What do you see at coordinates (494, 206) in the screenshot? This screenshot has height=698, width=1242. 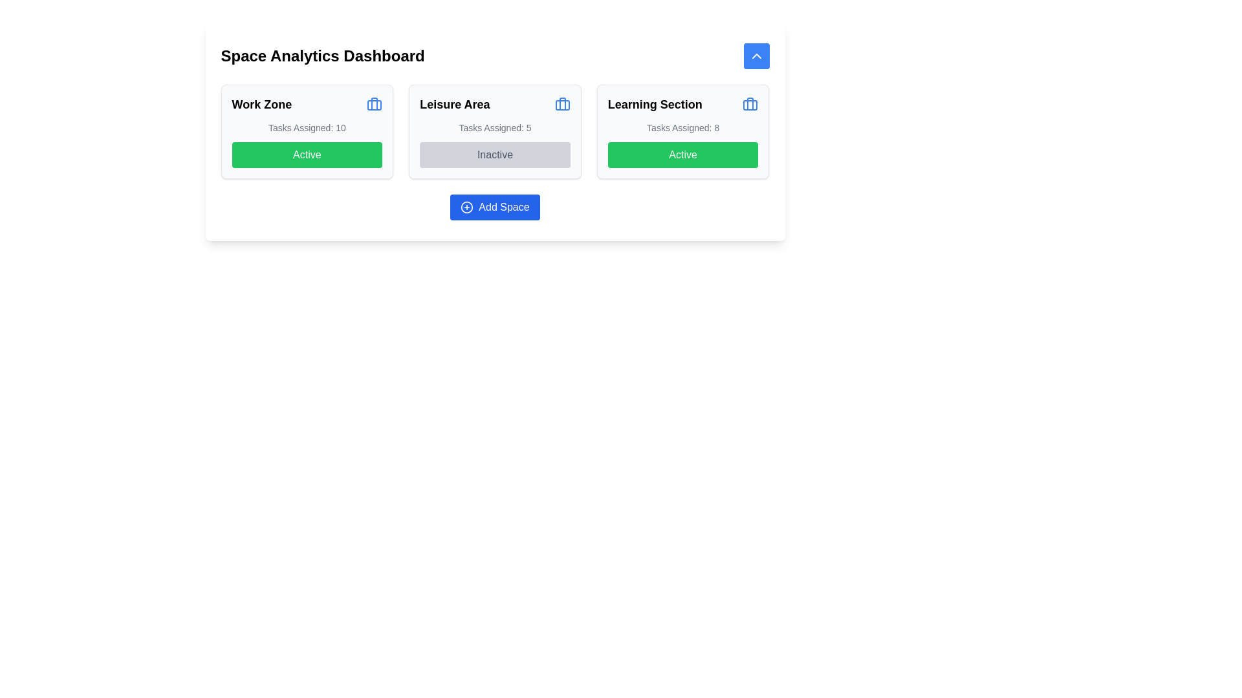 I see `the rectangular blue button labeled 'Add Space' with a plus icon` at bounding box center [494, 206].